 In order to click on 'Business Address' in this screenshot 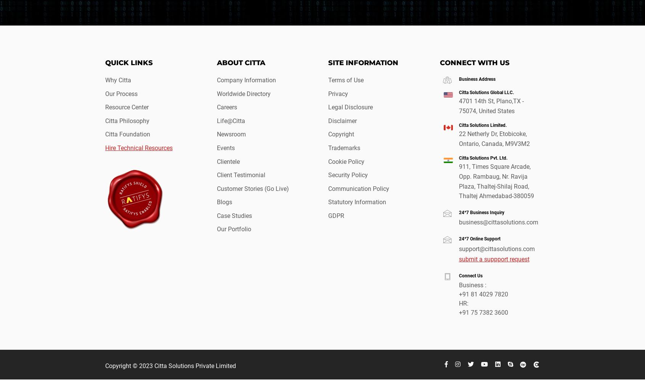, I will do `click(459, 78)`.